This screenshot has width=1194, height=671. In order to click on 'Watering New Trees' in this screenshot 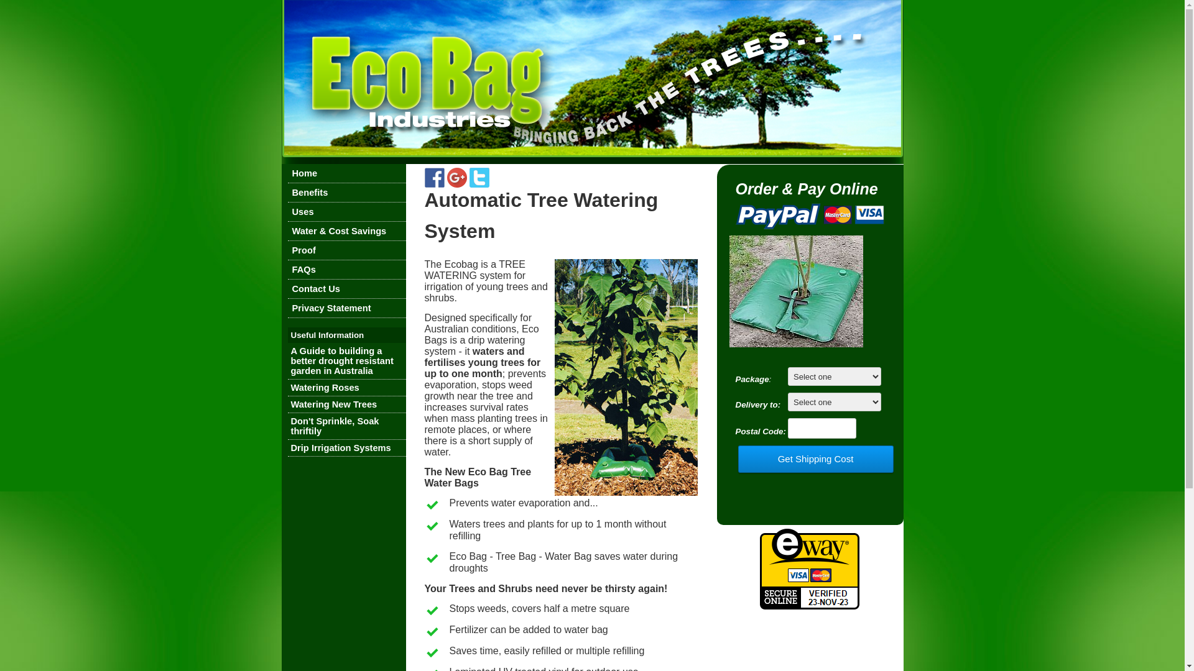, I will do `click(334, 404)`.